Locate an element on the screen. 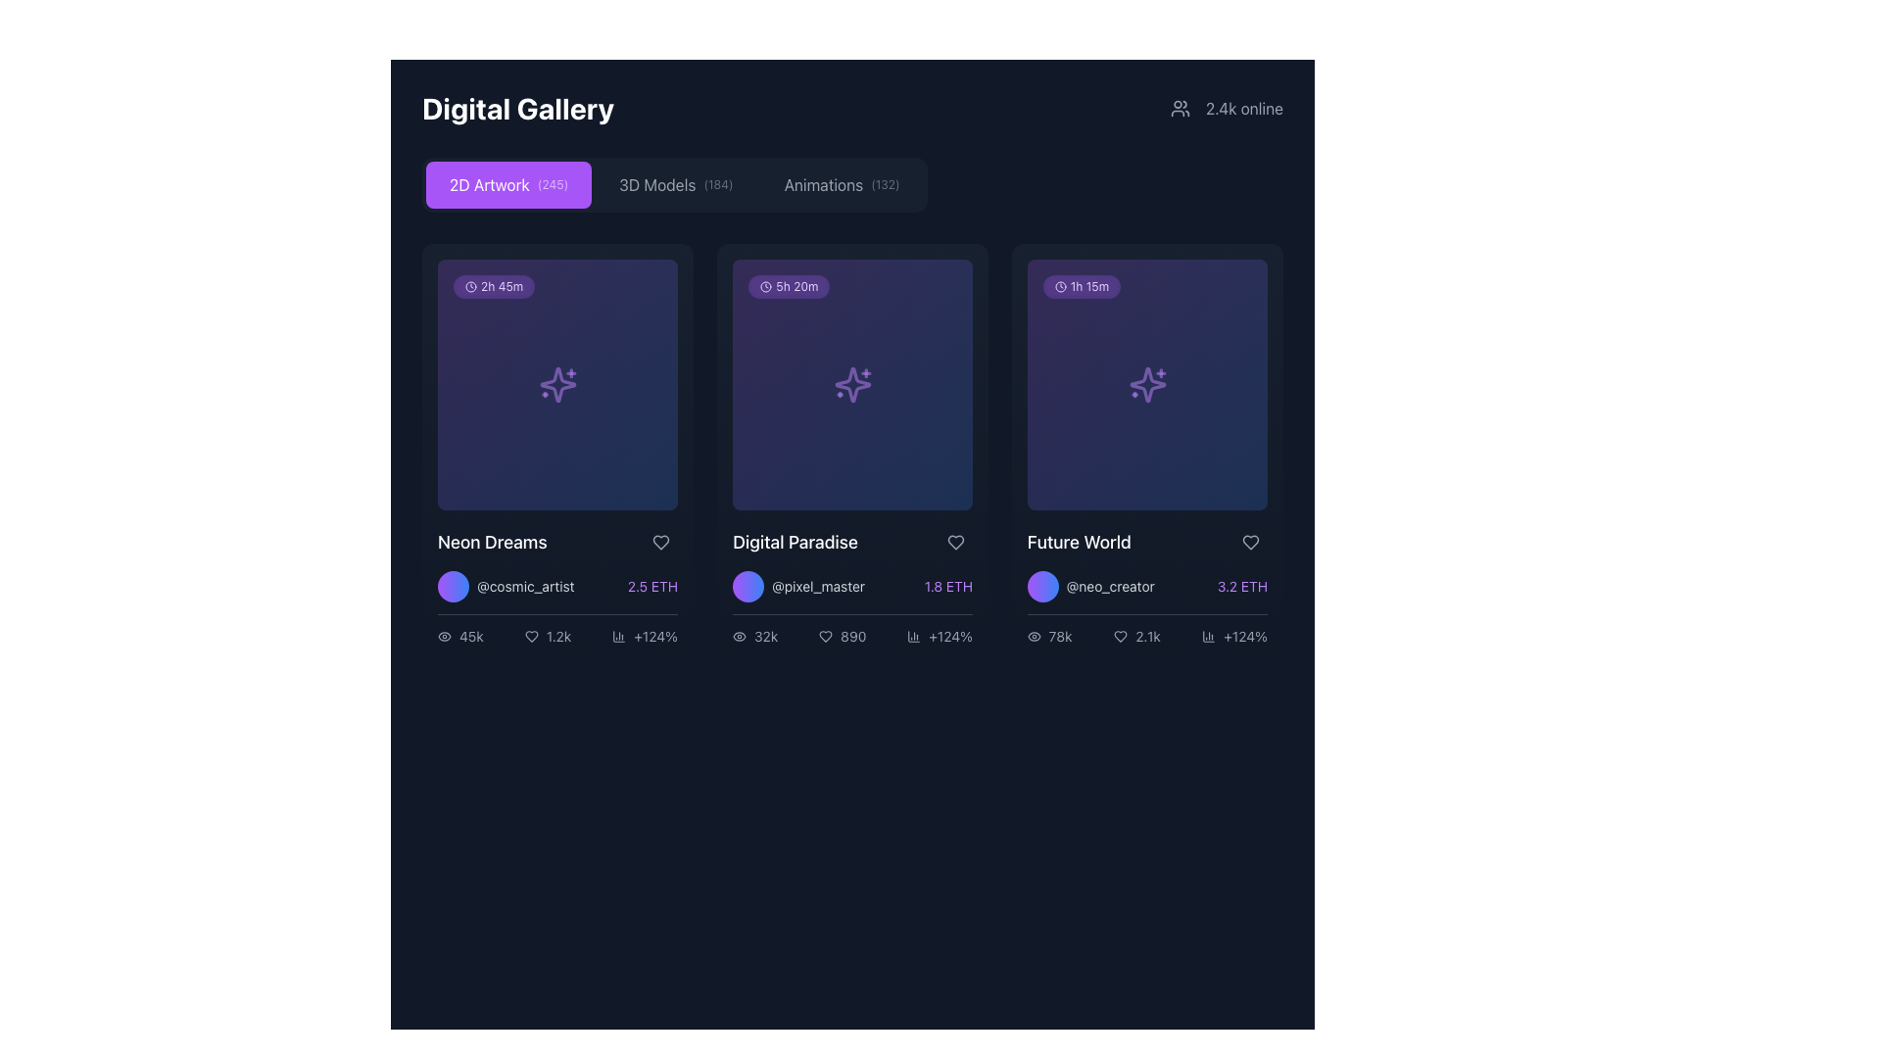 This screenshot has height=1058, width=1881. the circular avatar with a gradient fill transitioning from purple to blue, located in the card labeled 'Future World' to the left of the text '@neo_creator' is located at coordinates (1042, 585).